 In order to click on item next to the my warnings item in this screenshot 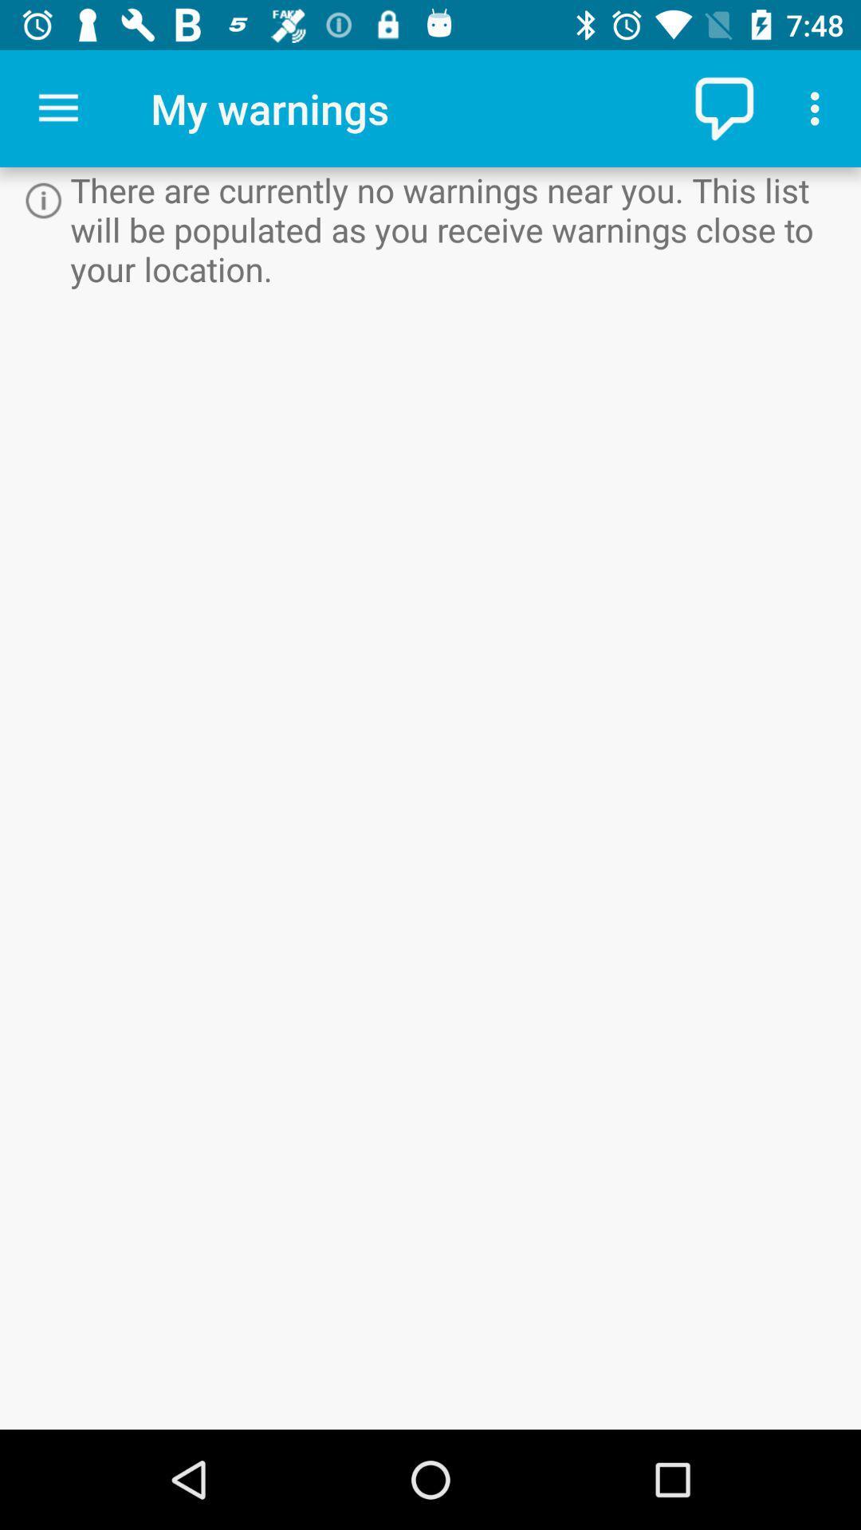, I will do `click(726, 108)`.